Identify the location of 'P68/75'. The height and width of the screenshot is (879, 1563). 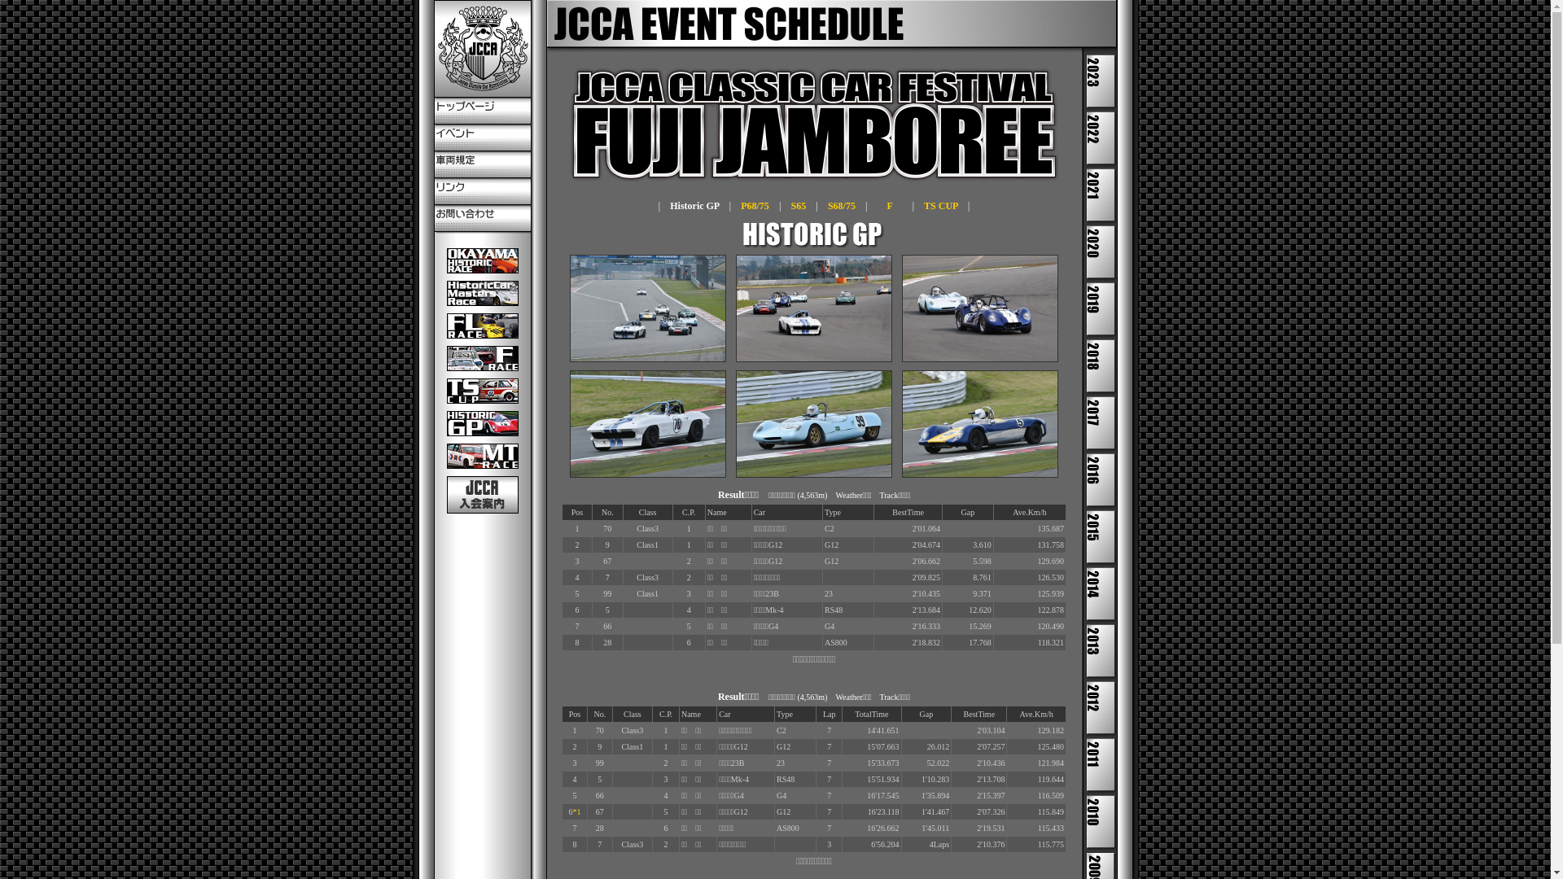
(740, 205).